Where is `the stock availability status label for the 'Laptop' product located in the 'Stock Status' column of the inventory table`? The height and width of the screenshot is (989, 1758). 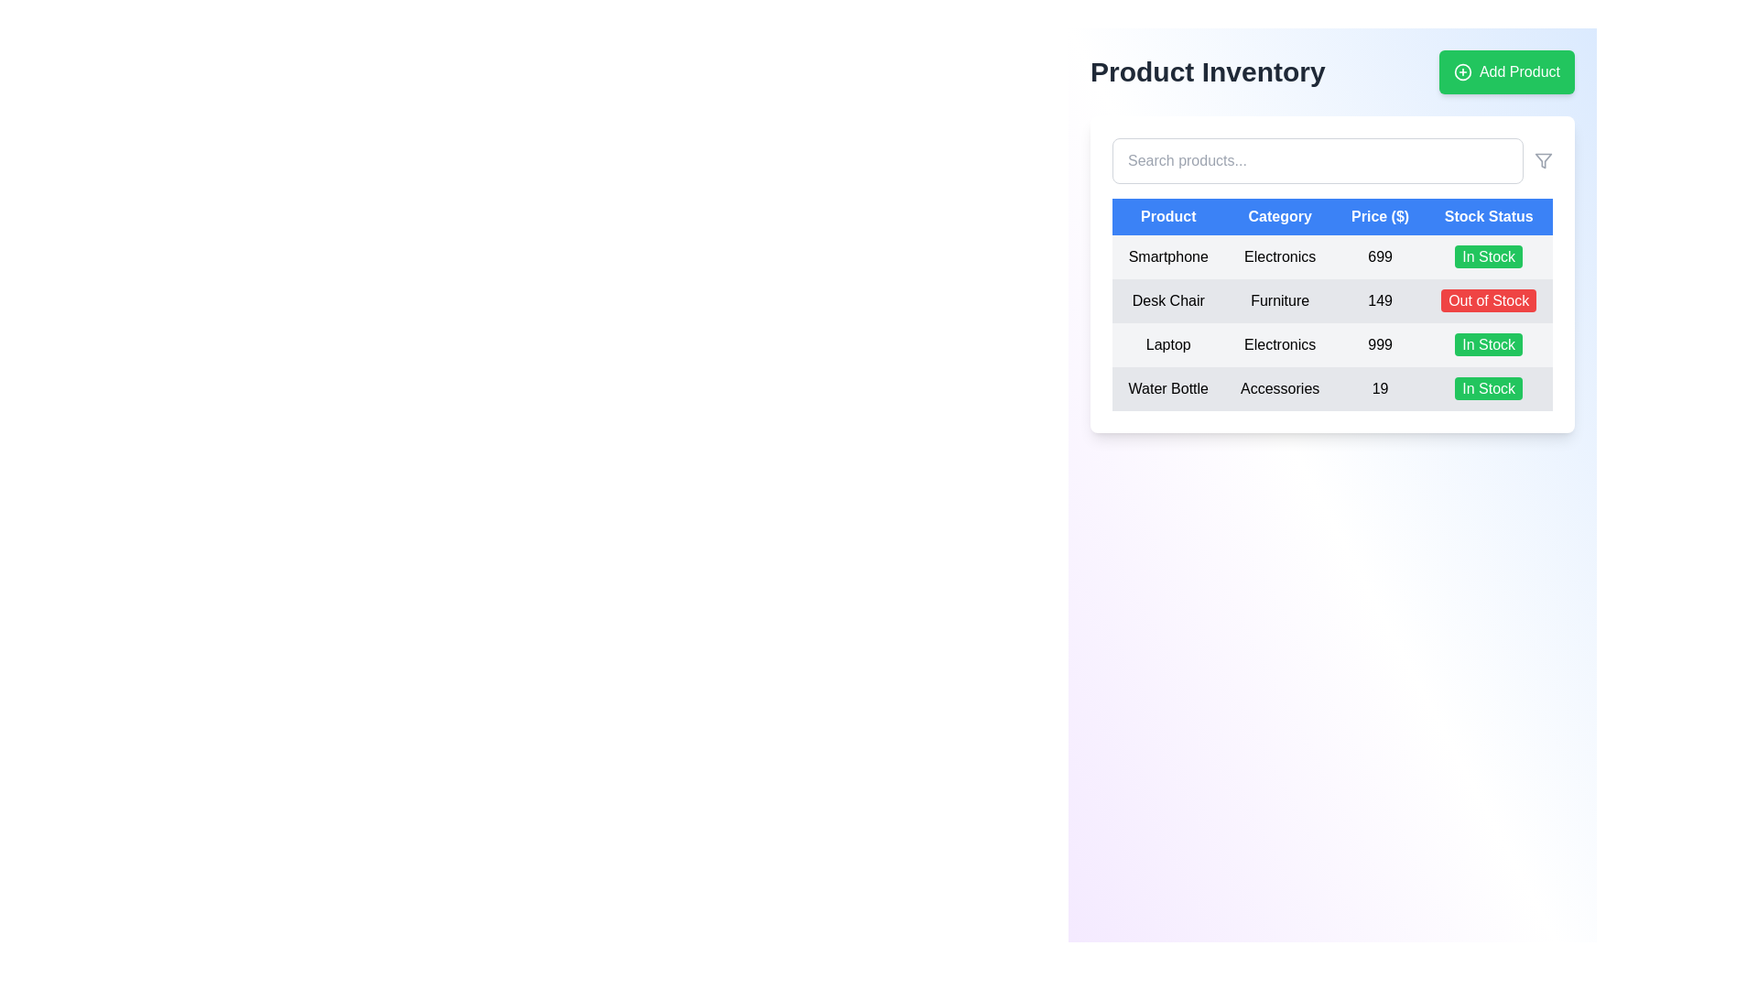
the stock availability status label for the 'Laptop' product located in the 'Stock Status' column of the inventory table is located at coordinates (1489, 344).